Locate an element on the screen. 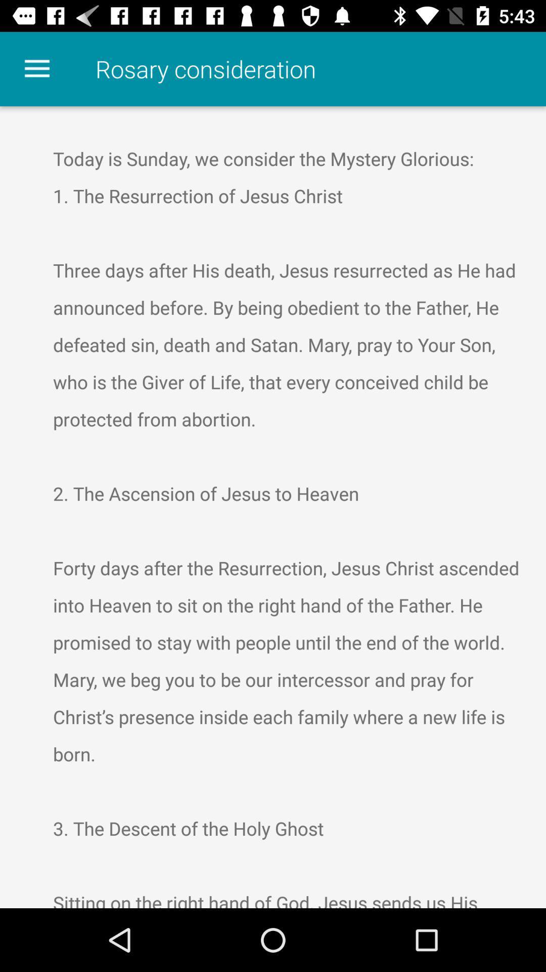 The height and width of the screenshot is (972, 546). the item above the today is sunday item is located at coordinates (36, 68).